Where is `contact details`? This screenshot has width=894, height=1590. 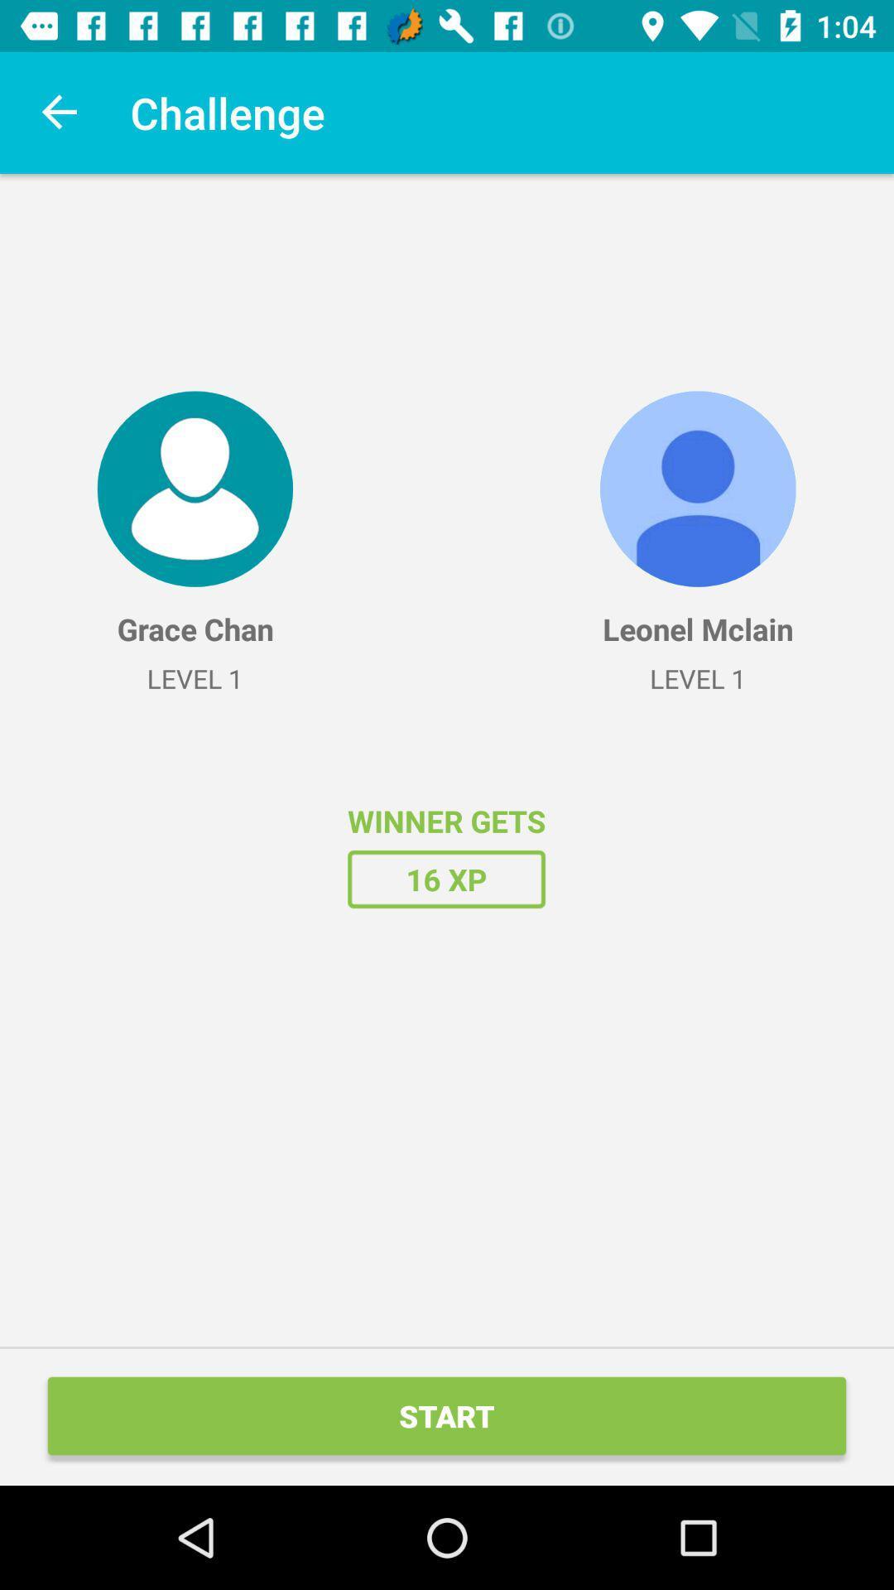 contact details is located at coordinates (194, 488).